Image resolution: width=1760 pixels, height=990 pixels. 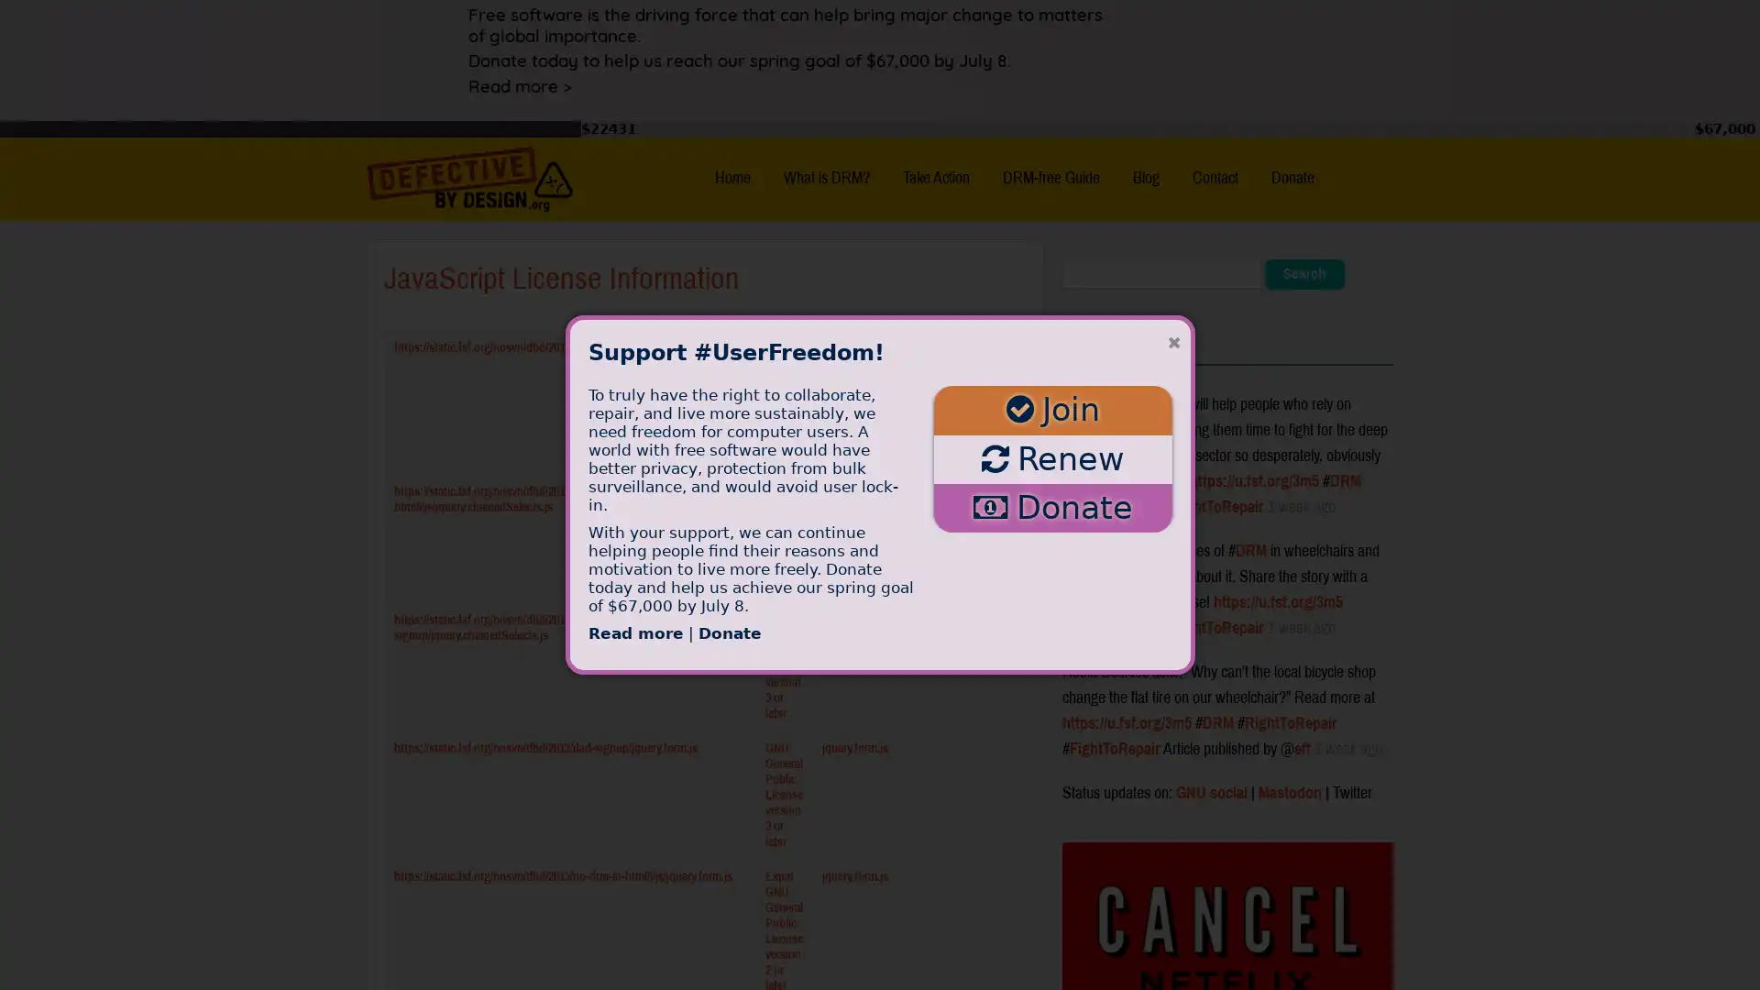 What do you see at coordinates (1303, 274) in the screenshot?
I see `Search` at bounding box center [1303, 274].